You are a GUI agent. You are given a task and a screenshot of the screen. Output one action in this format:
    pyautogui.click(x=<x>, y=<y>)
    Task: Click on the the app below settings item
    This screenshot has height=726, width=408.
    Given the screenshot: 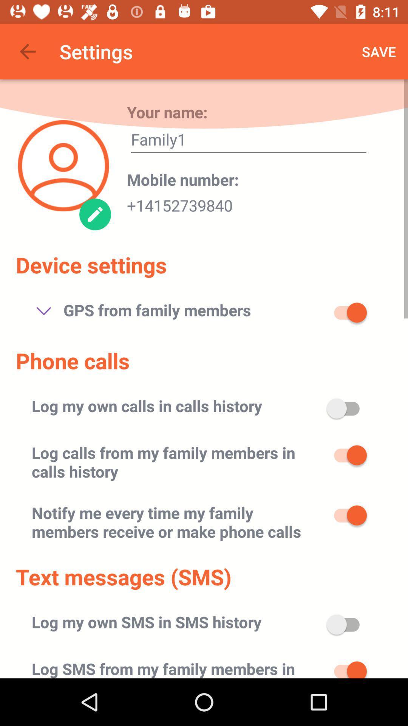 What is the action you would take?
    pyautogui.click(x=167, y=112)
    